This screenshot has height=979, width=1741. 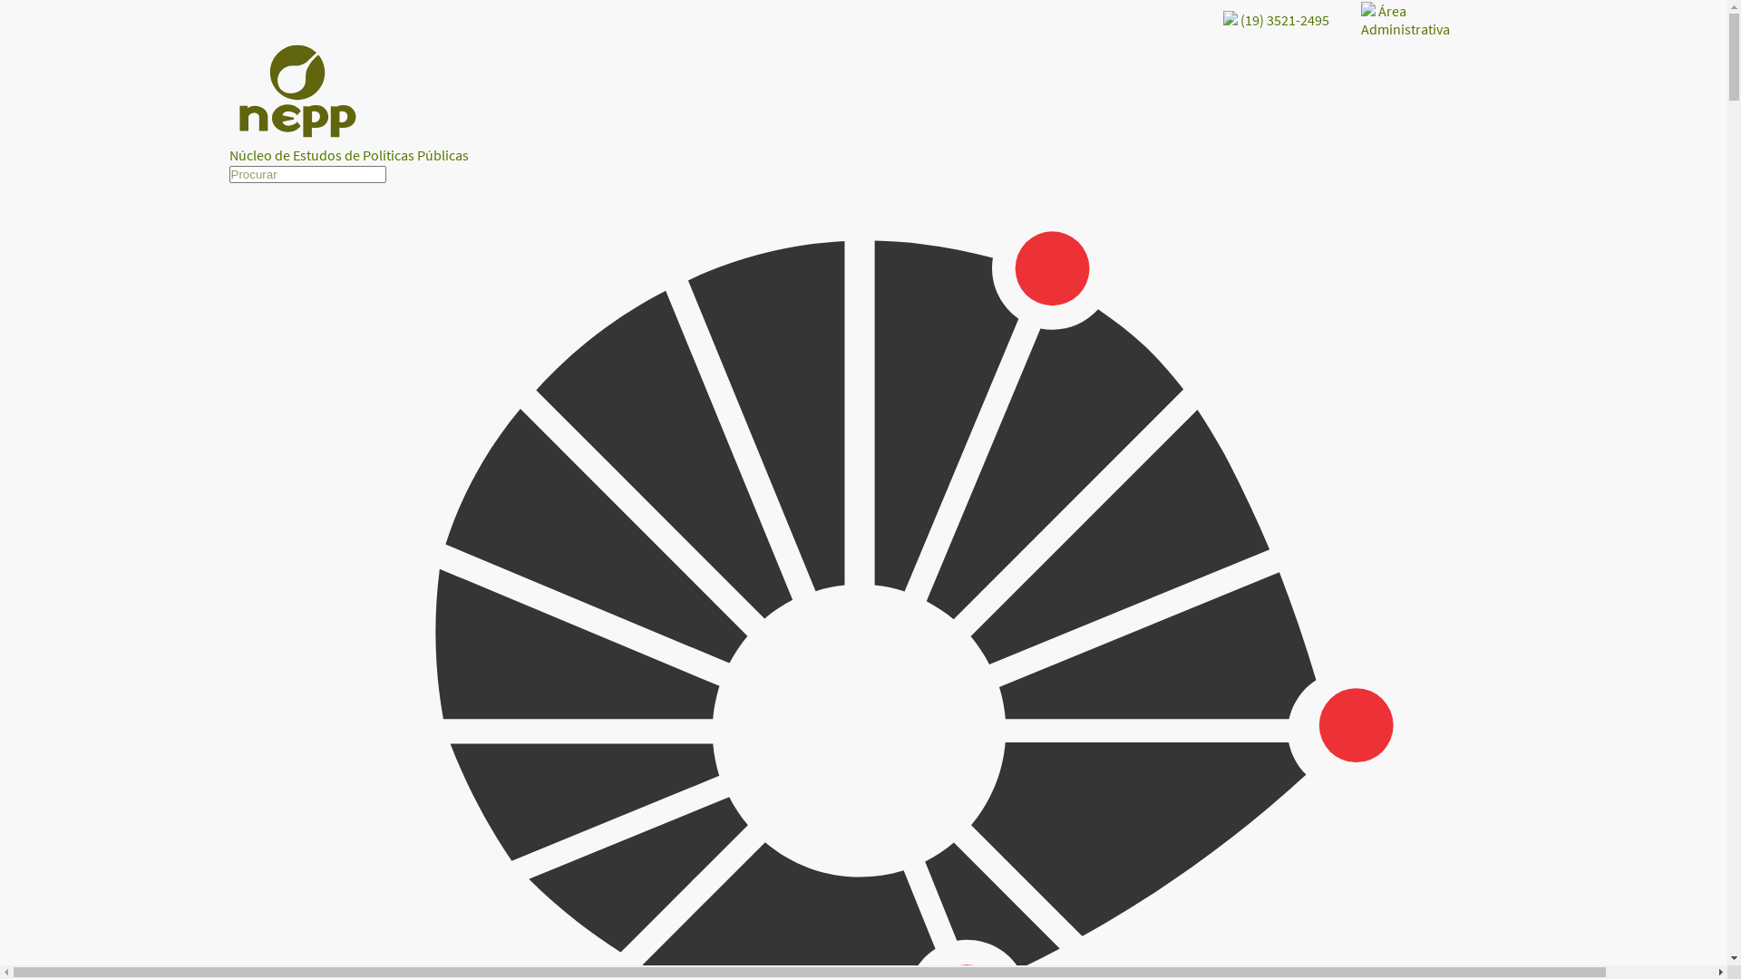 What do you see at coordinates (1274, 20) in the screenshot?
I see `'(19) 3521-2495'` at bounding box center [1274, 20].